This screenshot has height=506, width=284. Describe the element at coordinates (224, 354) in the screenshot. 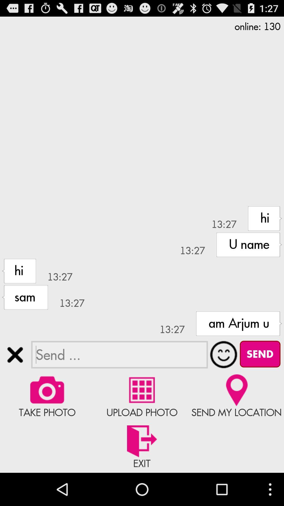

I see `expand emoji menu` at that location.